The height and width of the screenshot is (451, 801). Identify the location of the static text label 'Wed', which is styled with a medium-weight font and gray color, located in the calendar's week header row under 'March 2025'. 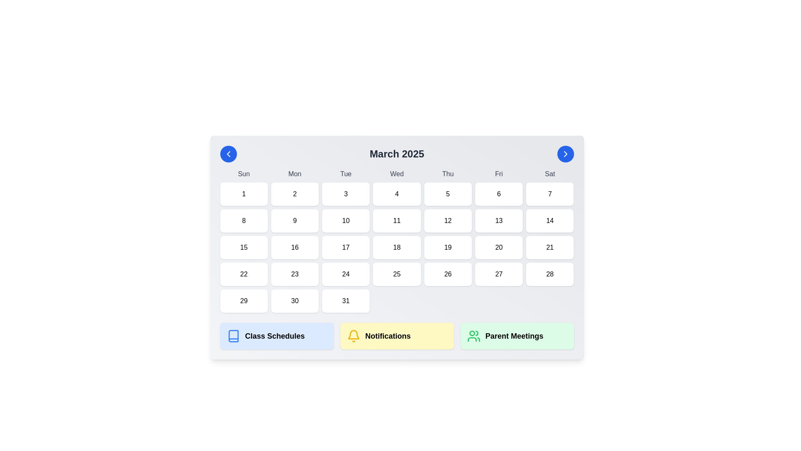
(396, 173).